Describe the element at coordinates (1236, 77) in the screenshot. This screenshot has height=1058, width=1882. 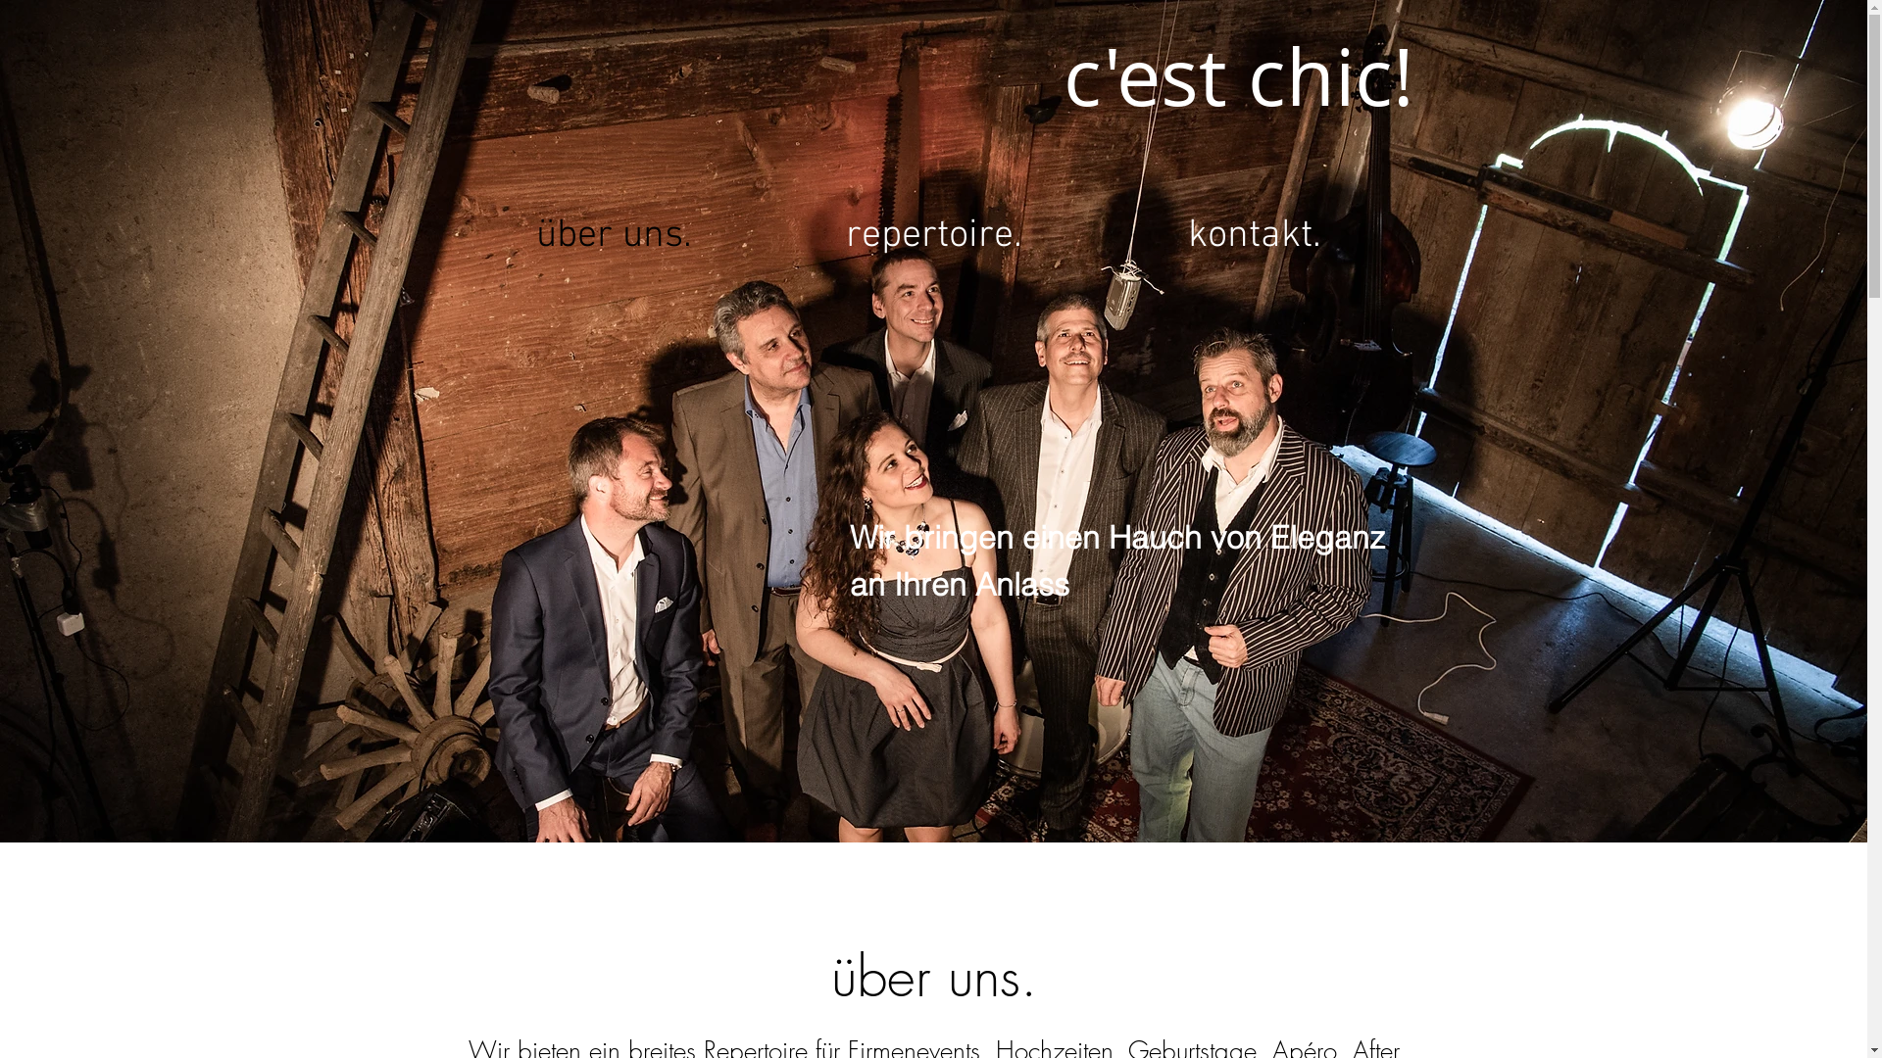
I see `'c'est chic!'` at that location.